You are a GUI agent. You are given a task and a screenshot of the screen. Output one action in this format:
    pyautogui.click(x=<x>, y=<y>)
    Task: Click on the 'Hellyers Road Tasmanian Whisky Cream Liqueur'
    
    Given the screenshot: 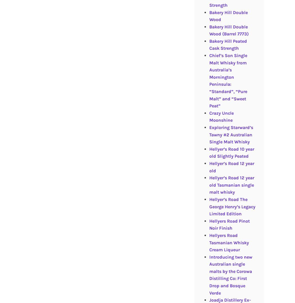 What is the action you would take?
    pyautogui.click(x=209, y=242)
    